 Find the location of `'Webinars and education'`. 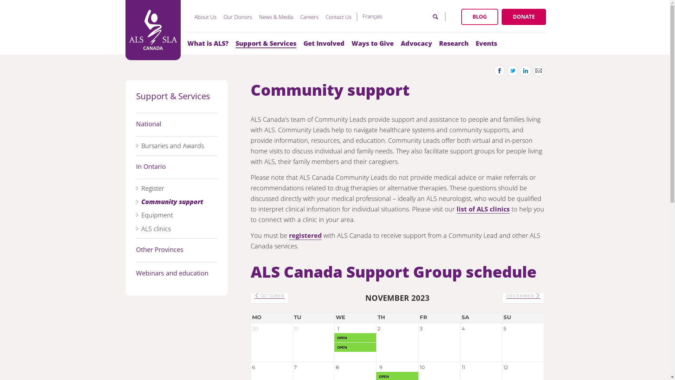

'Webinars and education' is located at coordinates (172, 273).